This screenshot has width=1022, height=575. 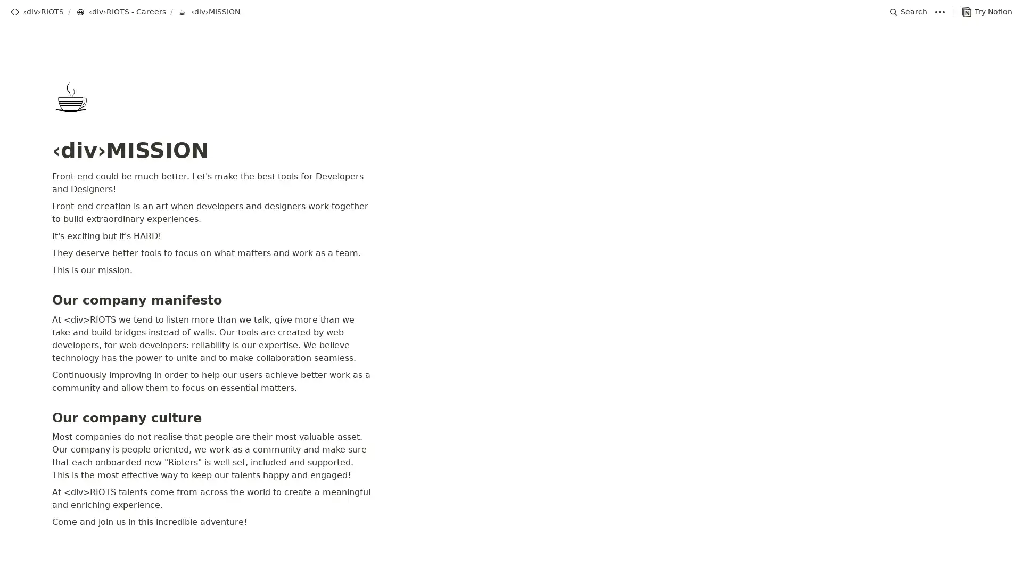 What do you see at coordinates (209, 12) in the screenshot?
I see `divMISSION` at bounding box center [209, 12].